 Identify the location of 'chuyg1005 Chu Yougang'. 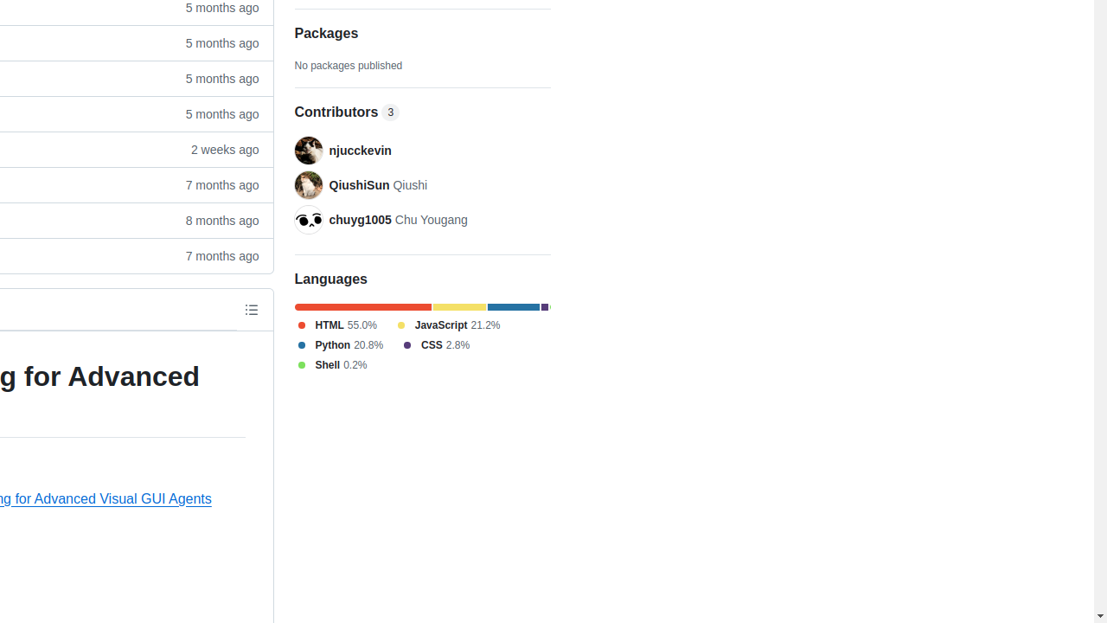
(397, 218).